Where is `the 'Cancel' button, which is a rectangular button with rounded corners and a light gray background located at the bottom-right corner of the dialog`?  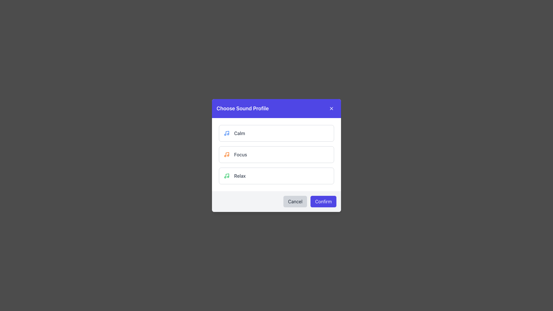 the 'Cancel' button, which is a rectangular button with rounded corners and a light gray background located at the bottom-right corner of the dialog is located at coordinates (295, 201).